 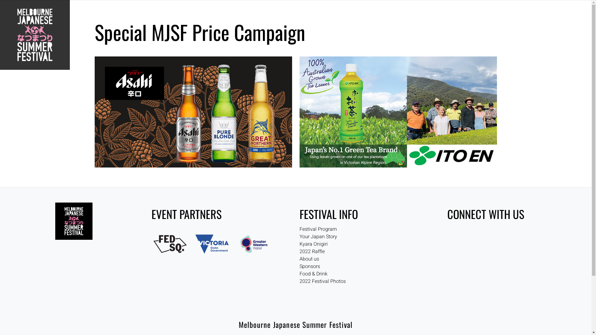 What do you see at coordinates (313, 243) in the screenshot?
I see `'Kyara Onigiri'` at bounding box center [313, 243].